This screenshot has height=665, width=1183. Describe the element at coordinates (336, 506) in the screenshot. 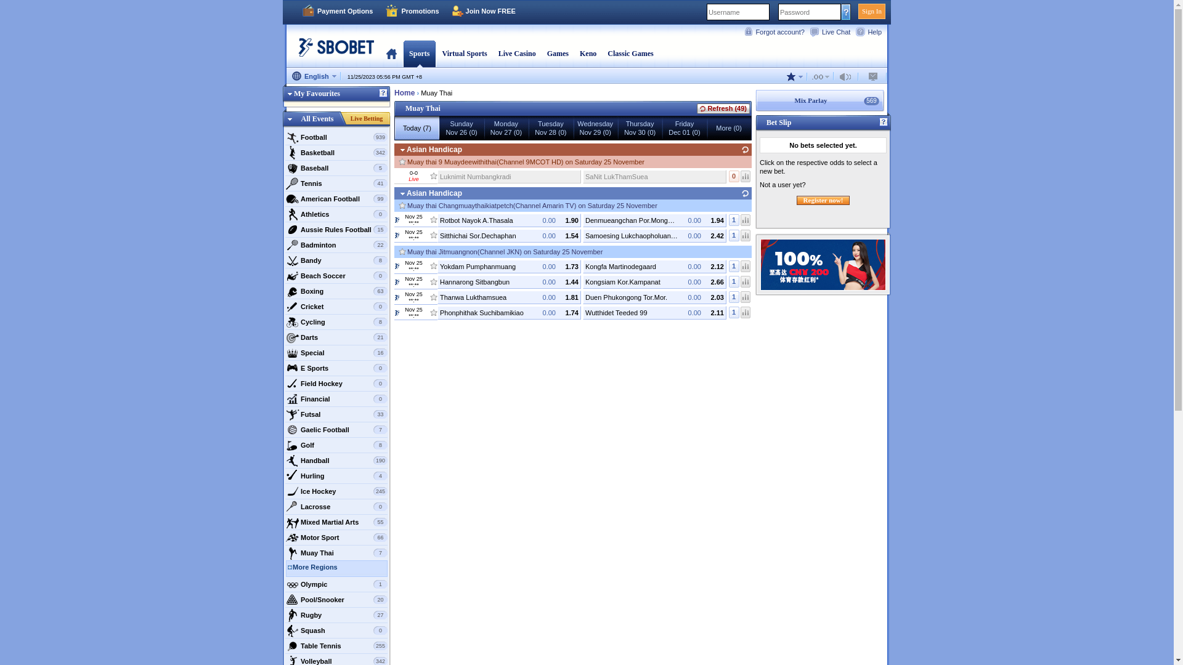

I see `'Lacrosse` at that location.